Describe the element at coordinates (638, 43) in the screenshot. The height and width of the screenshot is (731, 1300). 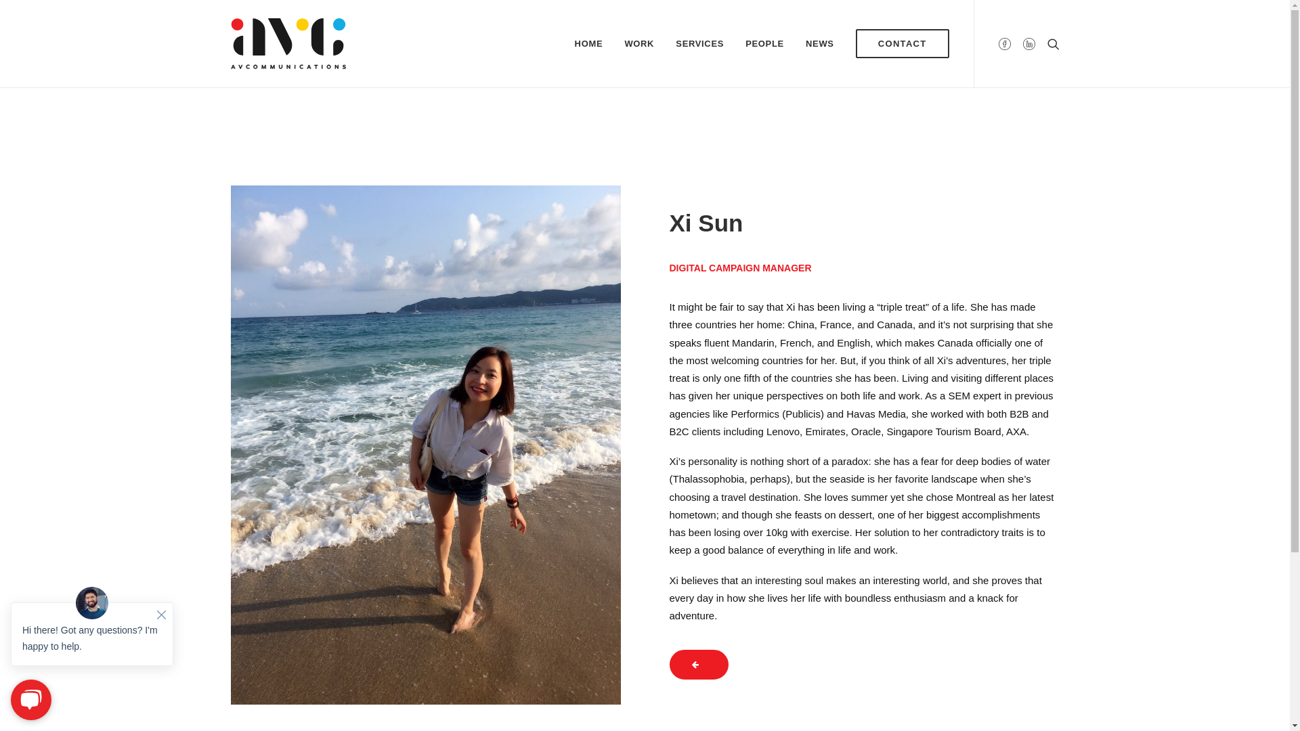
I see `'WORK'` at that location.